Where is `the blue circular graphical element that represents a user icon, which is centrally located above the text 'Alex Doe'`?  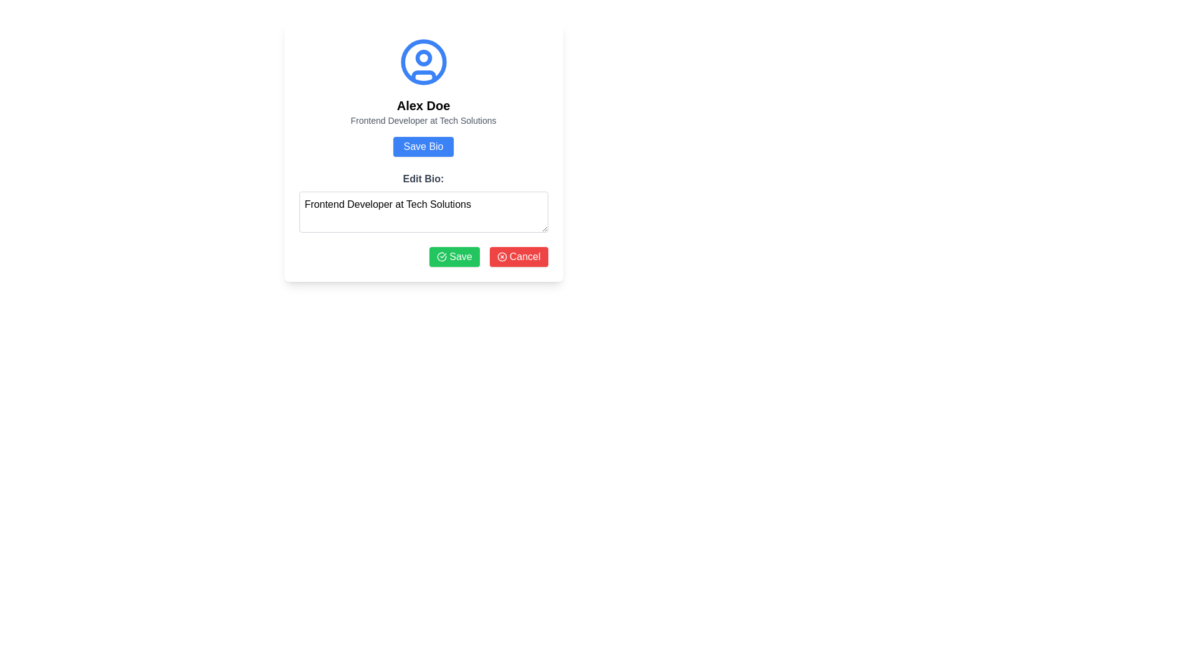
the blue circular graphical element that represents a user icon, which is centrally located above the text 'Alex Doe' is located at coordinates (423, 62).